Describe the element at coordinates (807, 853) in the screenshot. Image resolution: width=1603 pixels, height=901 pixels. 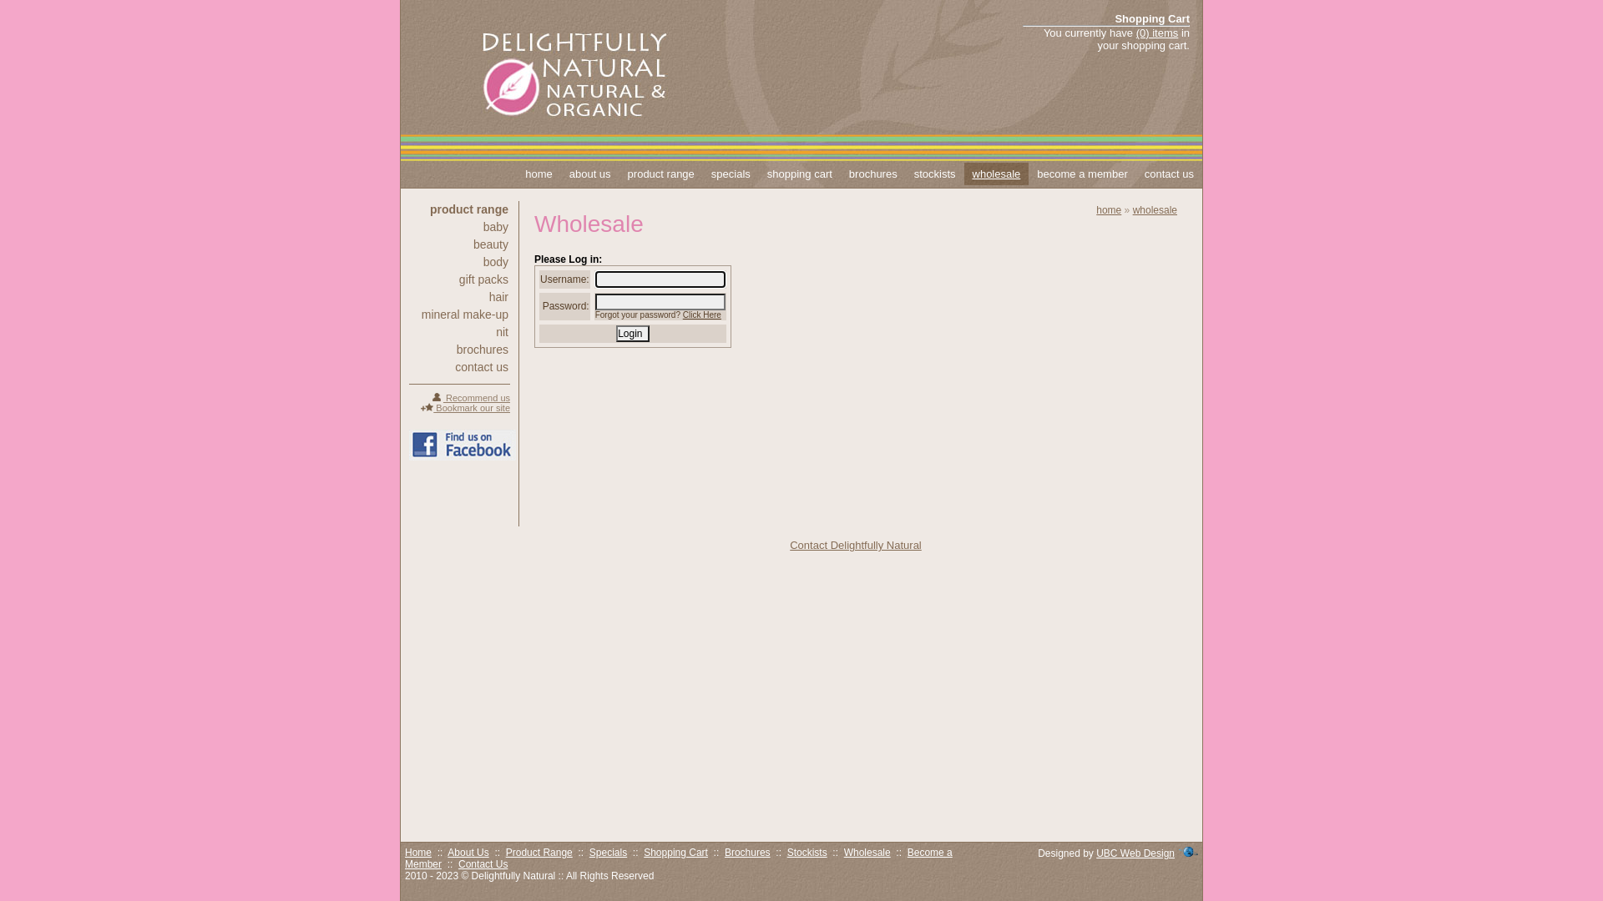
I see `'Stockists'` at that location.